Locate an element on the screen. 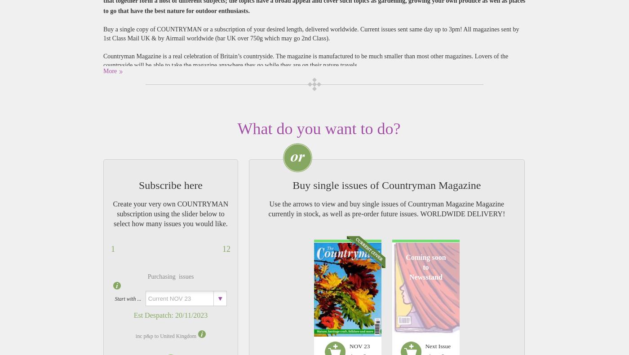 Image resolution: width=629 pixels, height=355 pixels. 'to' is located at coordinates (425, 267).